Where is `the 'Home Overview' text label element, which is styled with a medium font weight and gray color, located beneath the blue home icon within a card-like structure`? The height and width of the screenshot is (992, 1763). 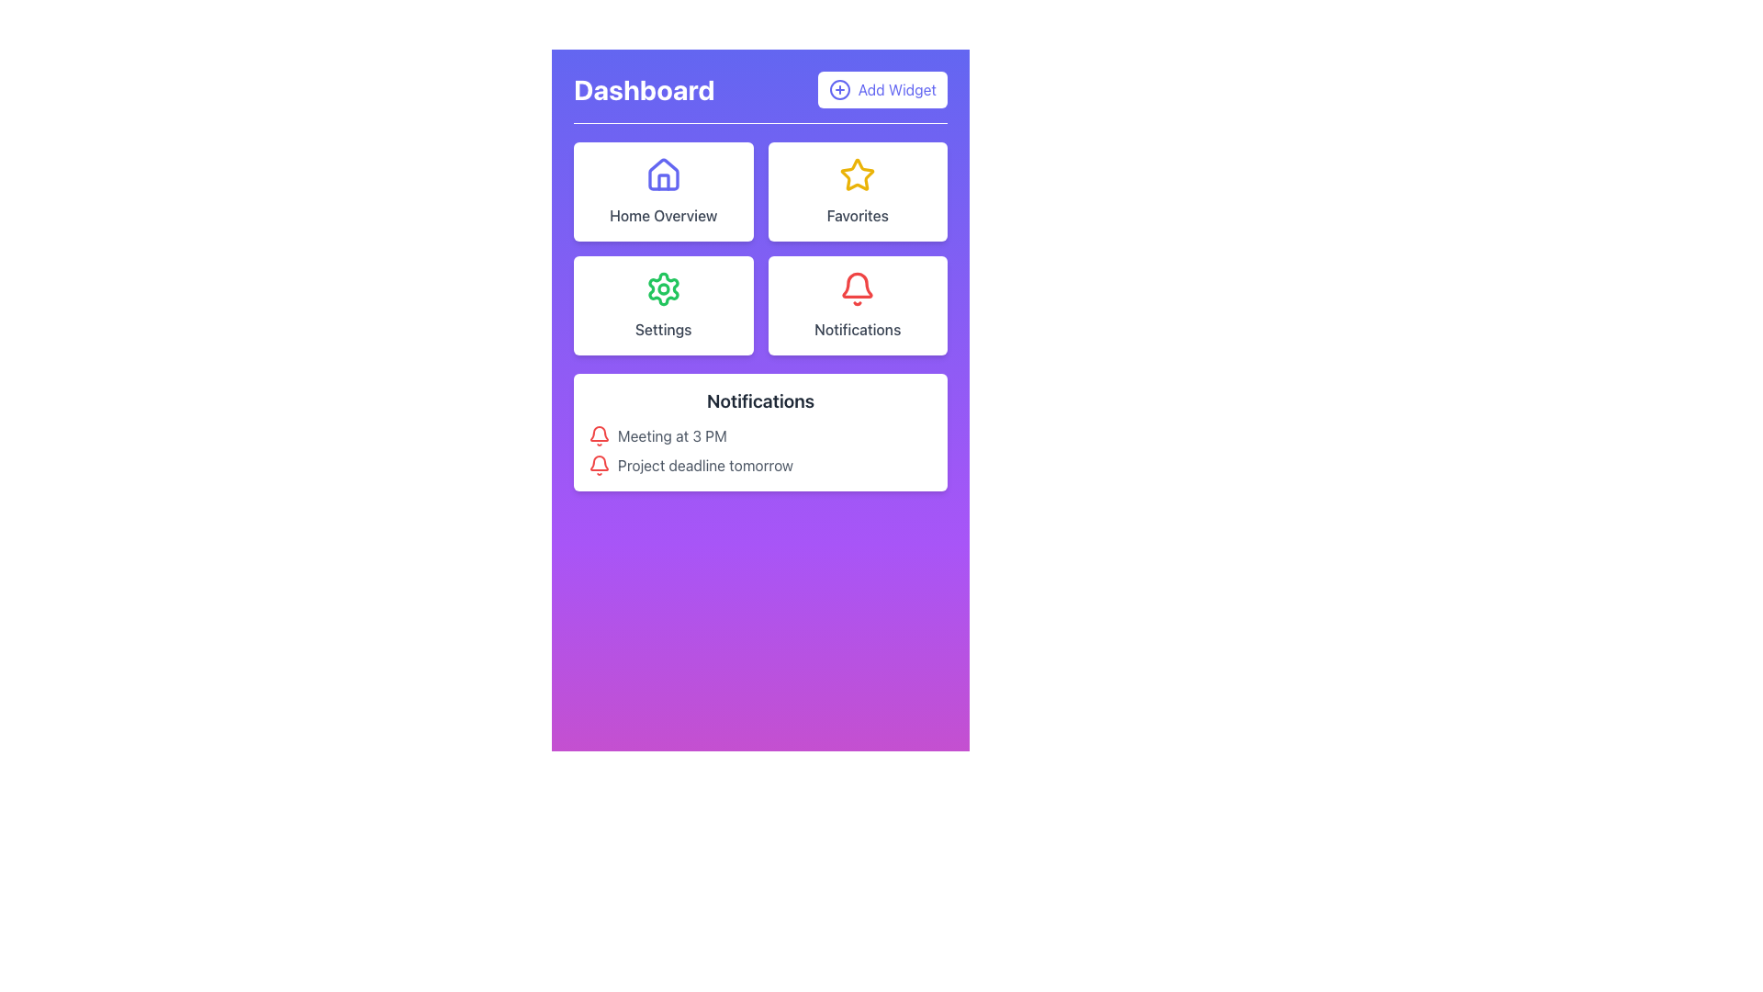
the 'Home Overview' text label element, which is styled with a medium font weight and gray color, located beneath the blue home icon within a card-like structure is located at coordinates (662, 215).